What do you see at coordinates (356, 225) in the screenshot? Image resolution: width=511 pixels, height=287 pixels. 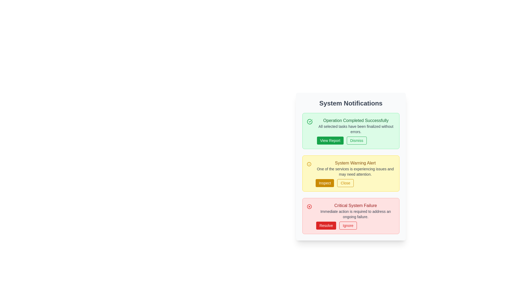 I see `the 'Ignore' button located at the bottom-right end of the notification card titled 'Critical System Failure' for keyboard navigation` at bounding box center [356, 225].